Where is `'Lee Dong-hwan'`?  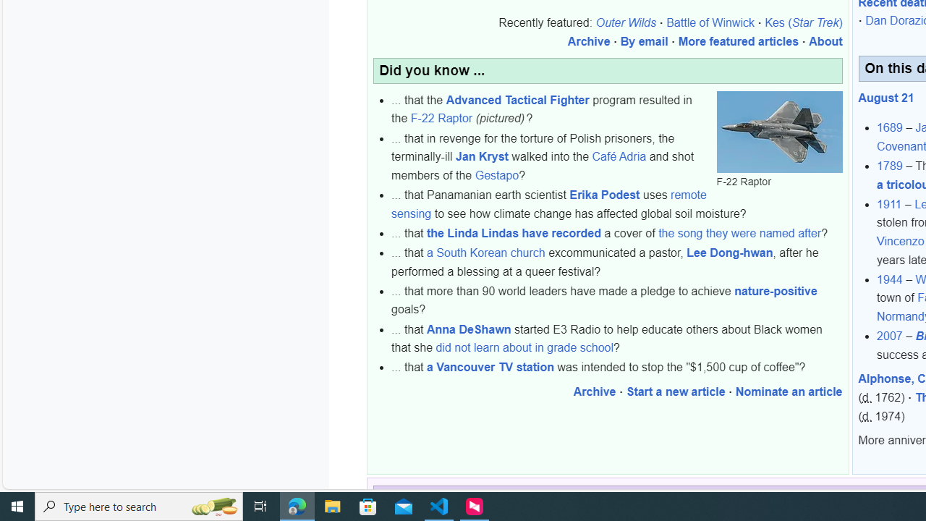 'Lee Dong-hwan' is located at coordinates (729, 253).